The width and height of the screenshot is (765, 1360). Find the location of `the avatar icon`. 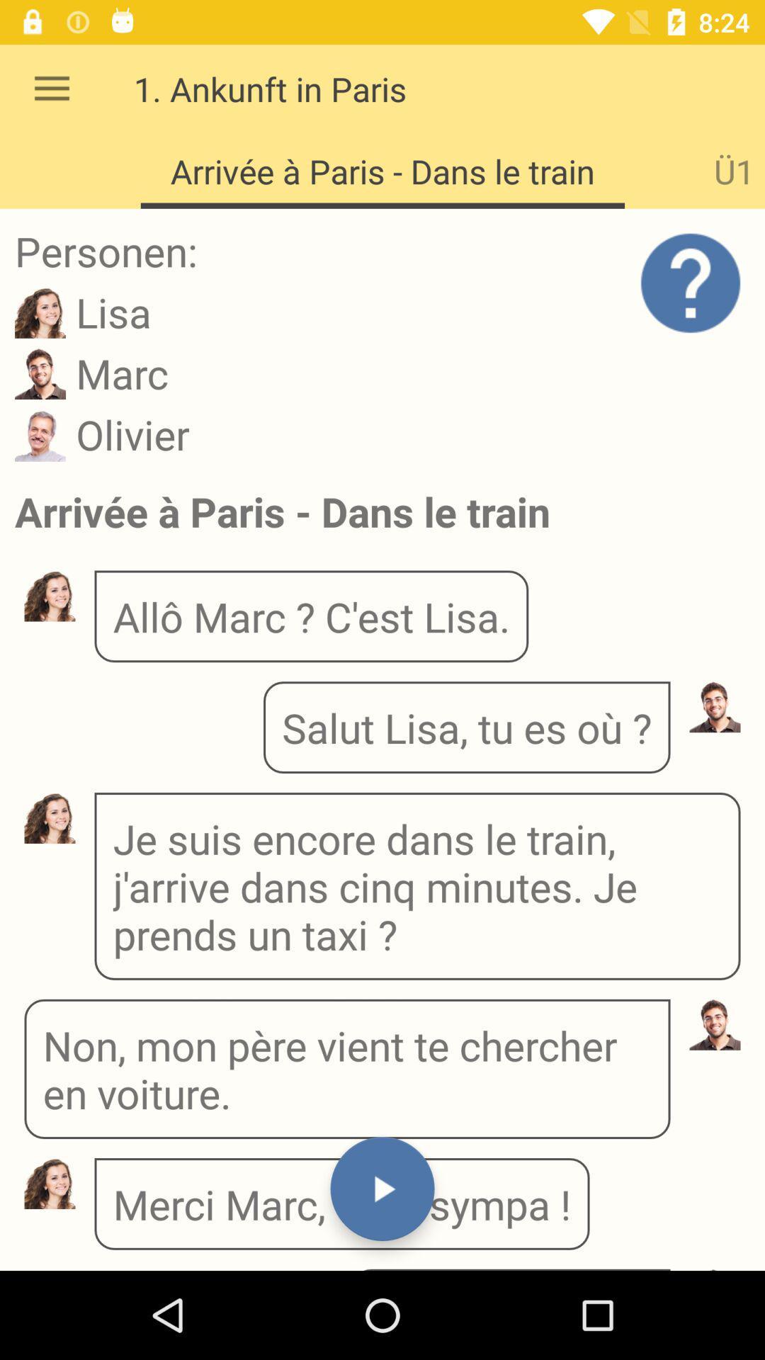

the avatar icon is located at coordinates (49, 1183).